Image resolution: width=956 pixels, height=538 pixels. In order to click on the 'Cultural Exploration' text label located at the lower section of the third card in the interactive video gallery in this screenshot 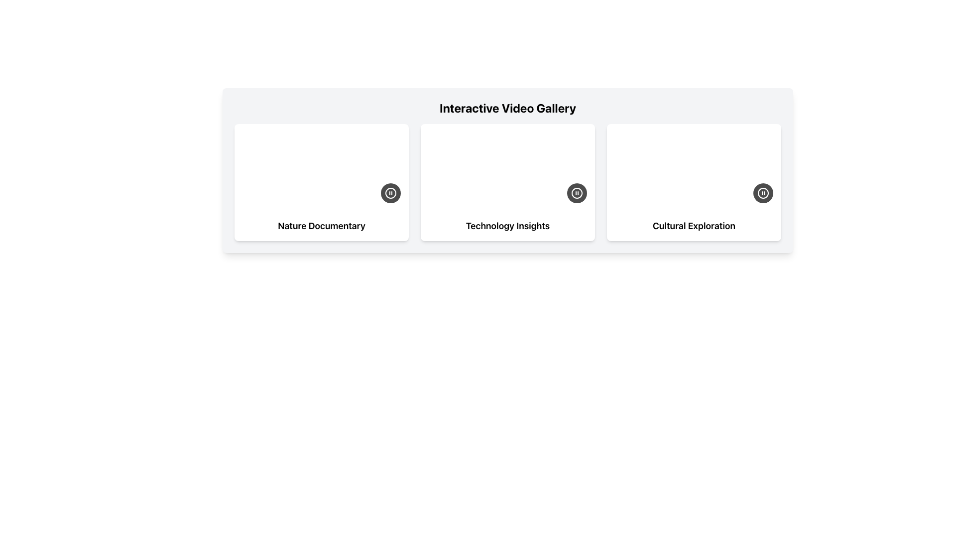, I will do `click(693, 226)`.